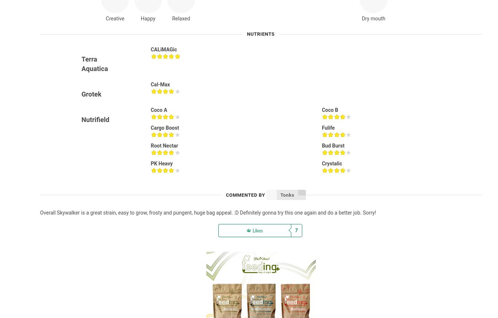 Image resolution: width=498 pixels, height=318 pixels. I want to click on 'Commented by', so click(245, 194).